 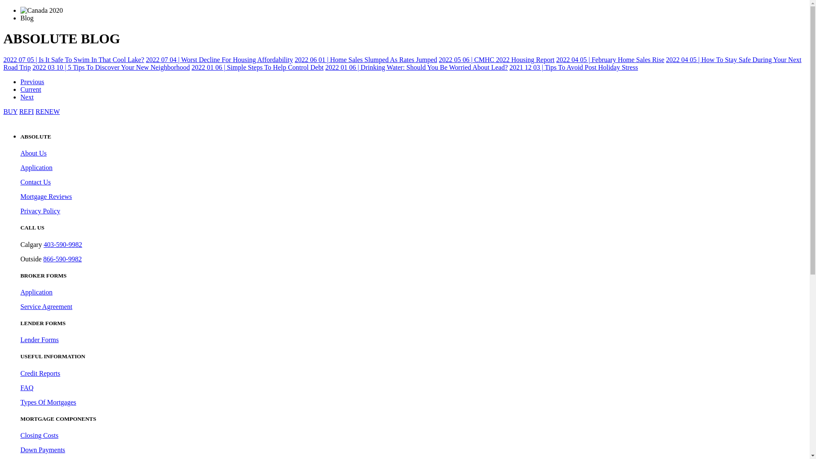 I want to click on 'Mortgage Reviews', so click(x=45, y=196).